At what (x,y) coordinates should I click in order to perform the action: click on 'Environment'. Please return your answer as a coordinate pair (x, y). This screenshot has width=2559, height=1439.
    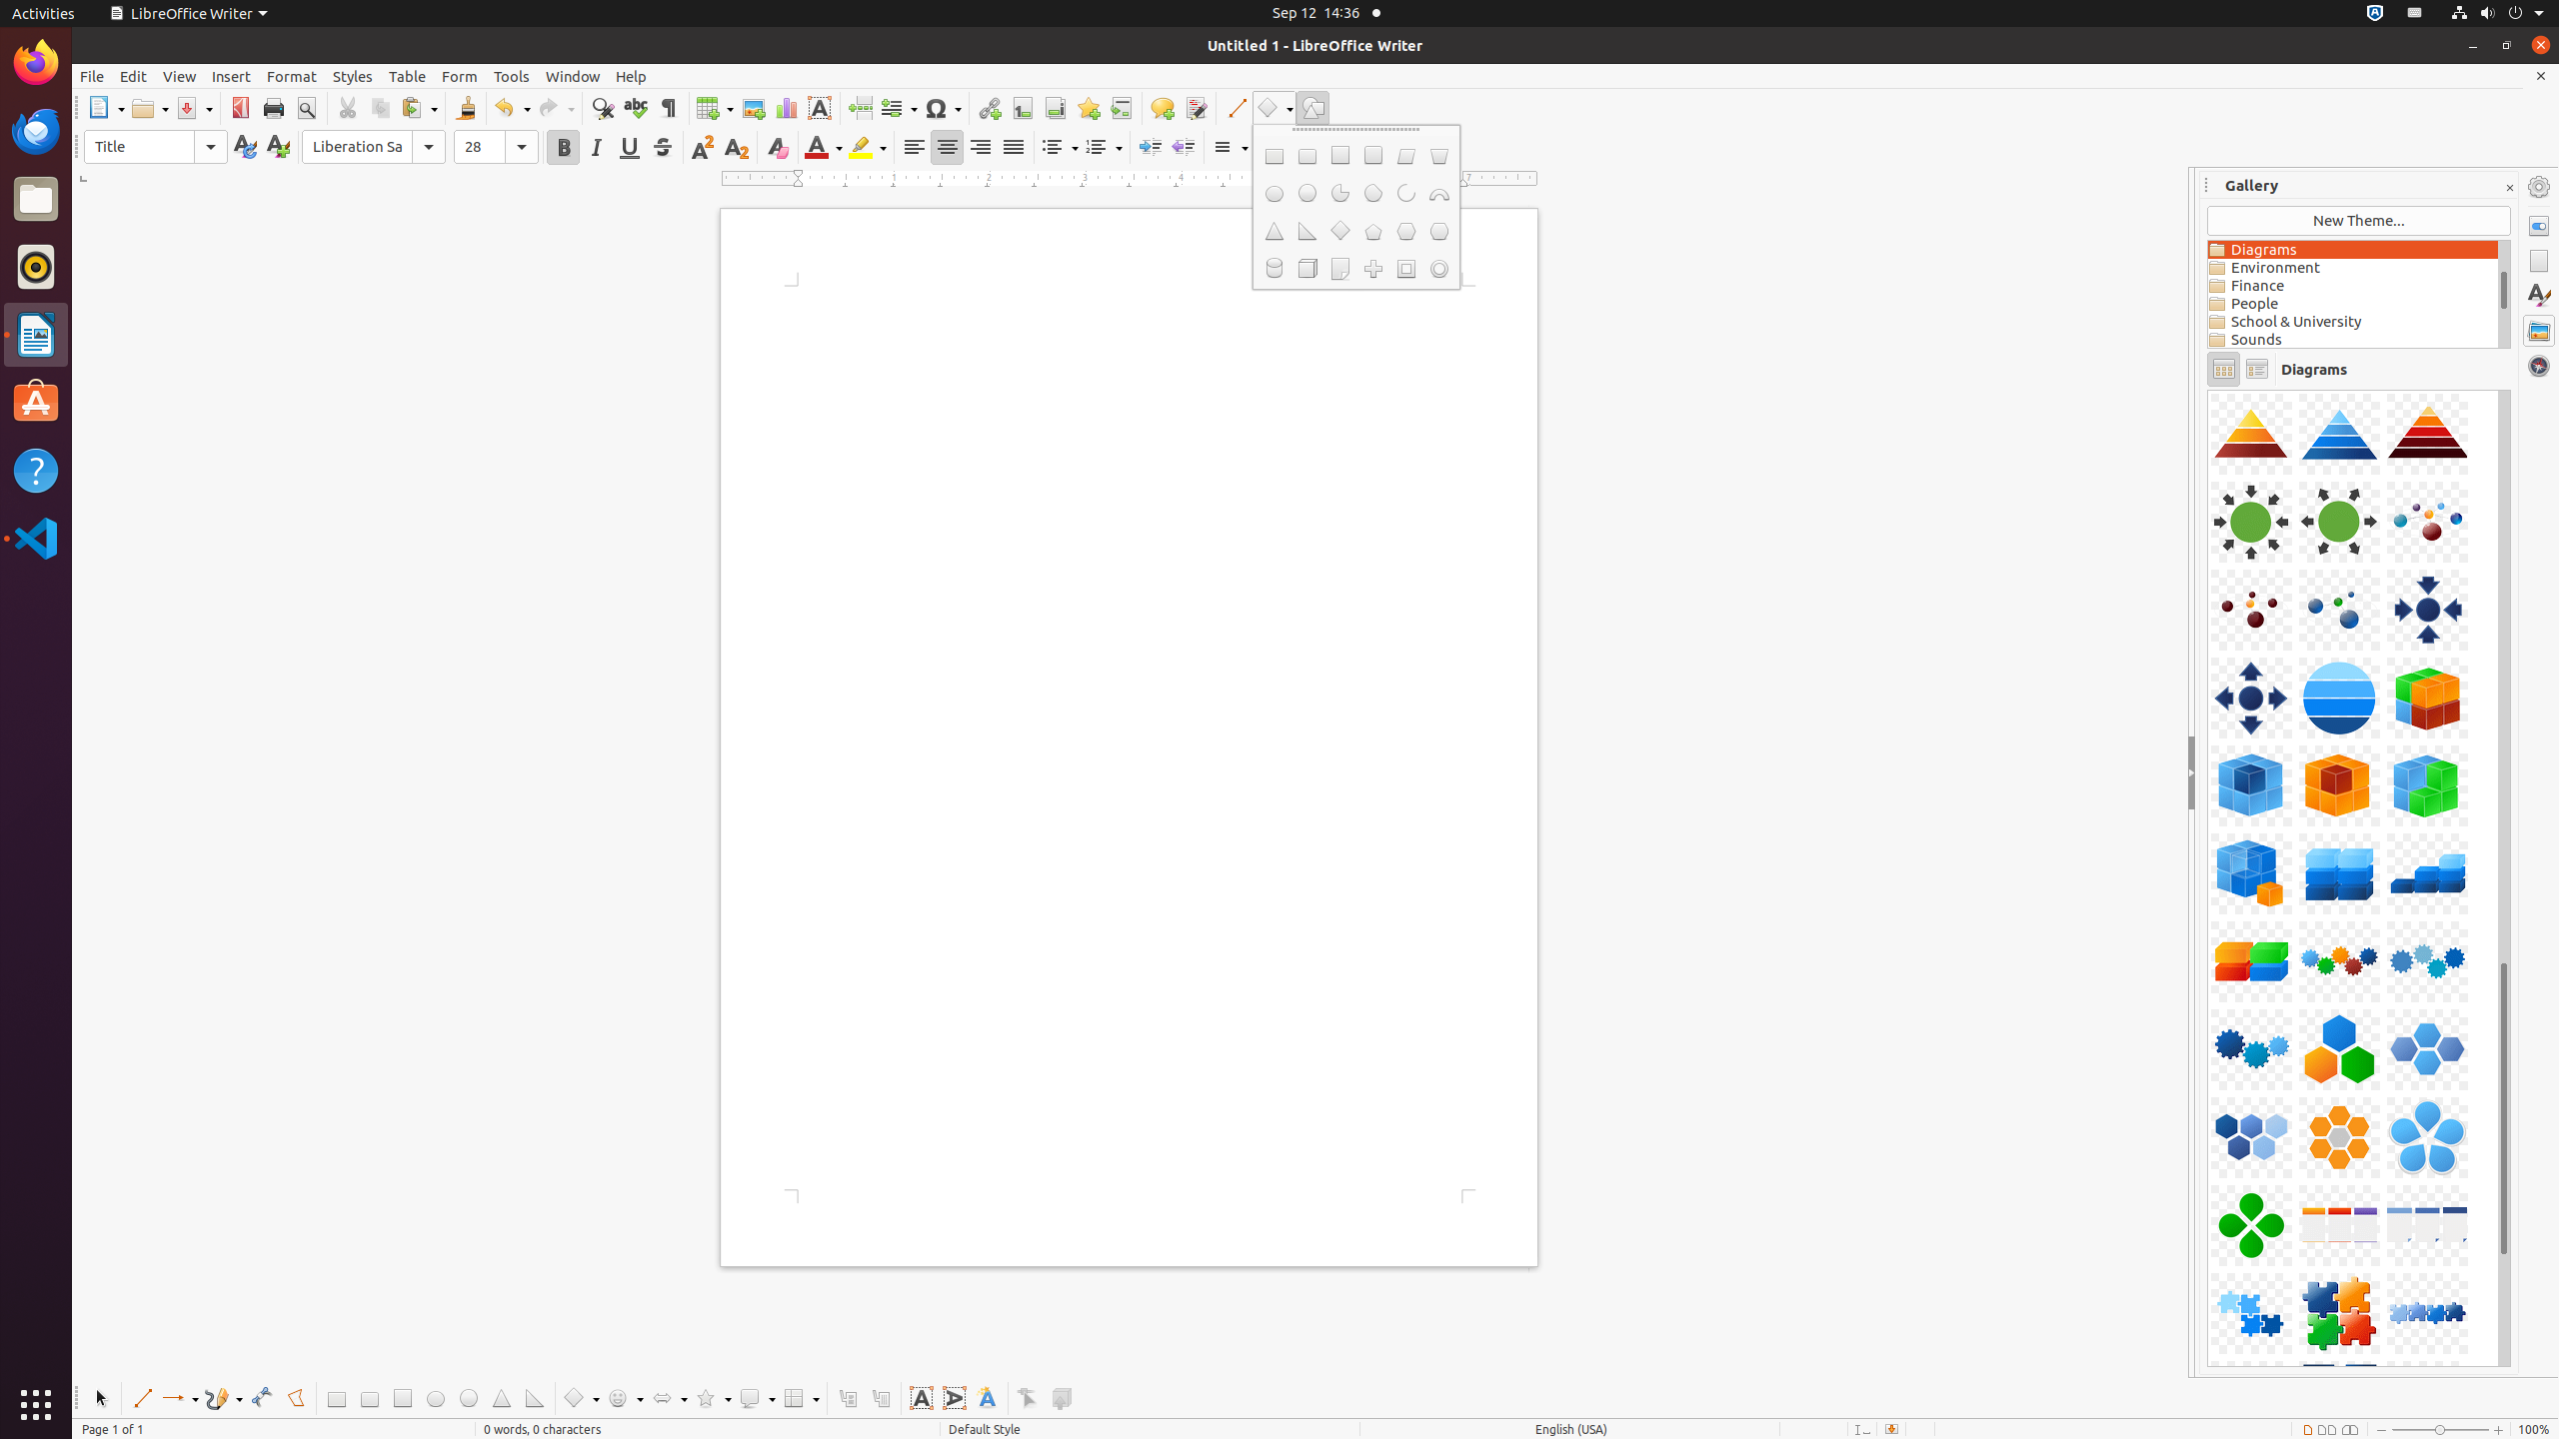
    Looking at the image, I should click on (2351, 267).